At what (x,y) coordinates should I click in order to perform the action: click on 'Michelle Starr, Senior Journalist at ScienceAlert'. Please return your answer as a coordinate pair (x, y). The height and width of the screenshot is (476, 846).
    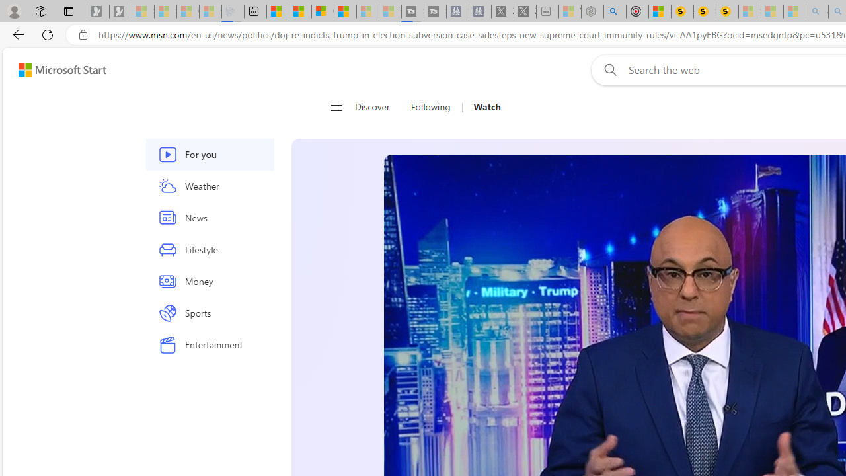
    Looking at the image, I should click on (726, 11).